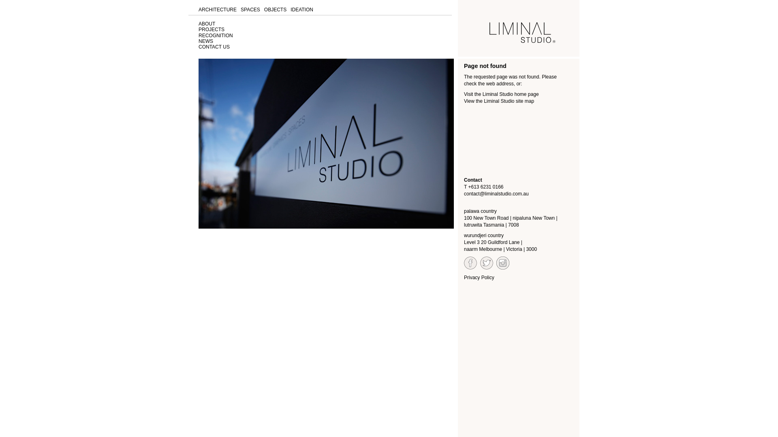  What do you see at coordinates (498, 101) in the screenshot?
I see `'View the Liminal Studio site map'` at bounding box center [498, 101].